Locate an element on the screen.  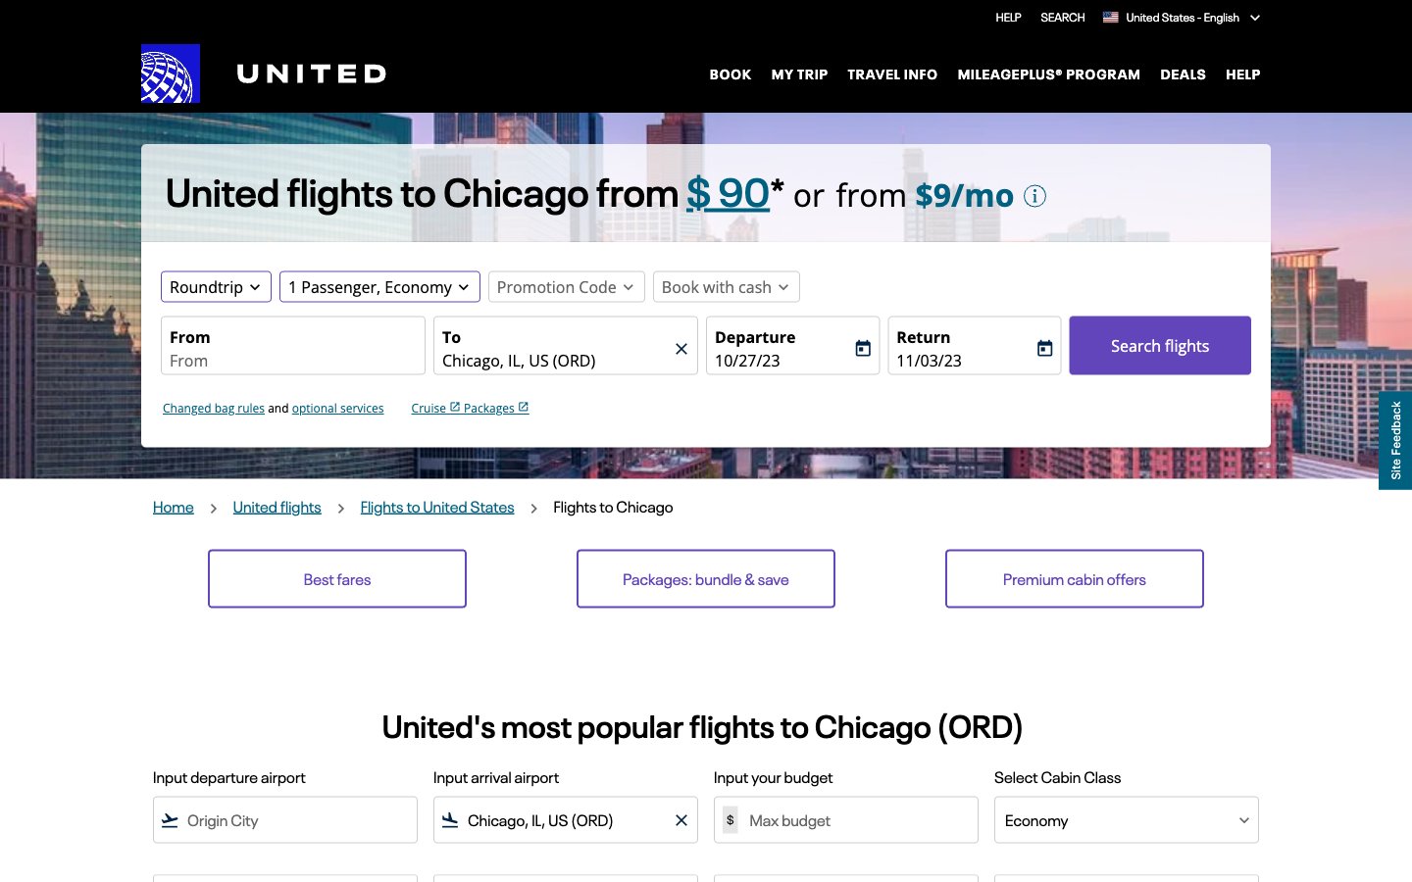
Forward to Cheapest Costings is located at coordinates (337, 578).